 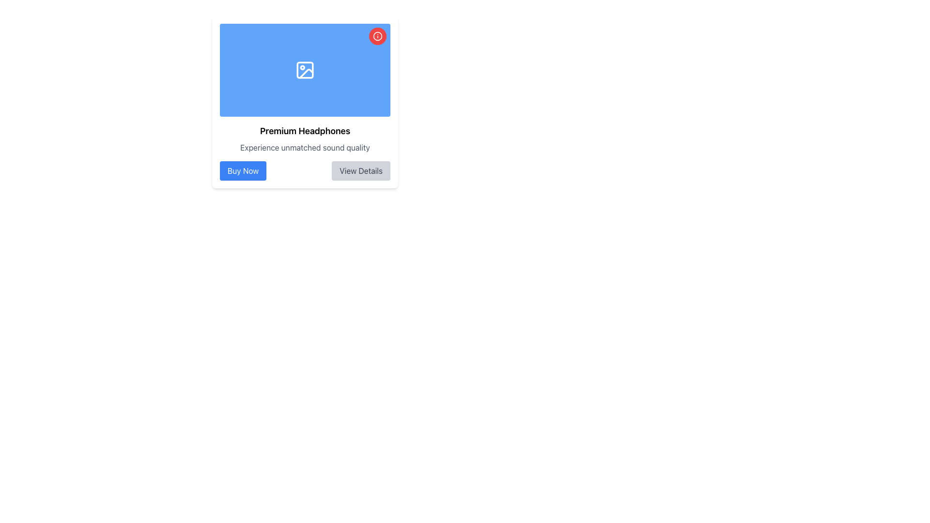 I want to click on the red circular button containing the information symbol located at the top-right corner of the blue image section in the card layout, above the text 'Premium Headphones.', so click(x=377, y=35).